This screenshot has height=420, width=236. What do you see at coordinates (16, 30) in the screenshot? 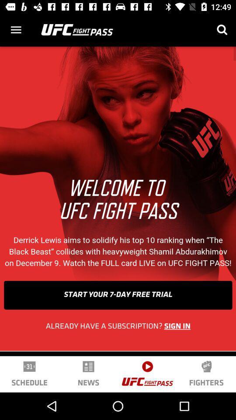
I see `menu` at bounding box center [16, 30].